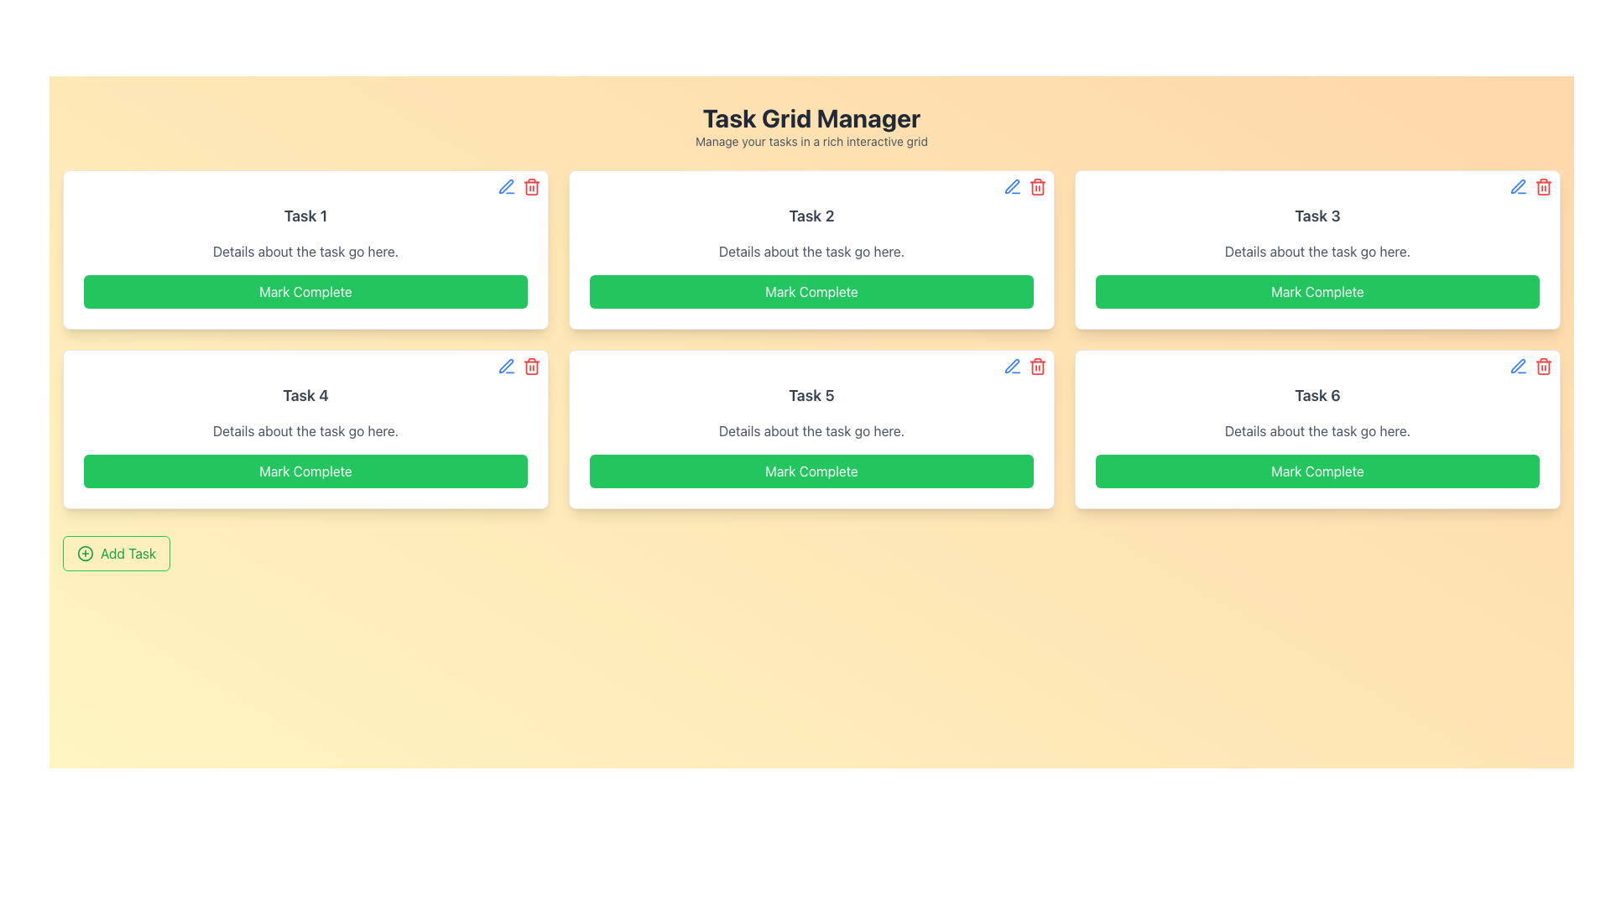 The image size is (1611, 906). What do you see at coordinates (305, 252) in the screenshot?
I see `text label displaying 'Details about the task go here.' located below the title 'Task 1' in the first task card` at bounding box center [305, 252].